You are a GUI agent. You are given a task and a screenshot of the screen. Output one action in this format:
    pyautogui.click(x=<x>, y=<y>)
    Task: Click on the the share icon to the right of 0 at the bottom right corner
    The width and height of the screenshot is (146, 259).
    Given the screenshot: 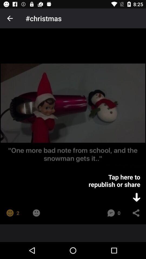 What is the action you would take?
    pyautogui.click(x=136, y=213)
    